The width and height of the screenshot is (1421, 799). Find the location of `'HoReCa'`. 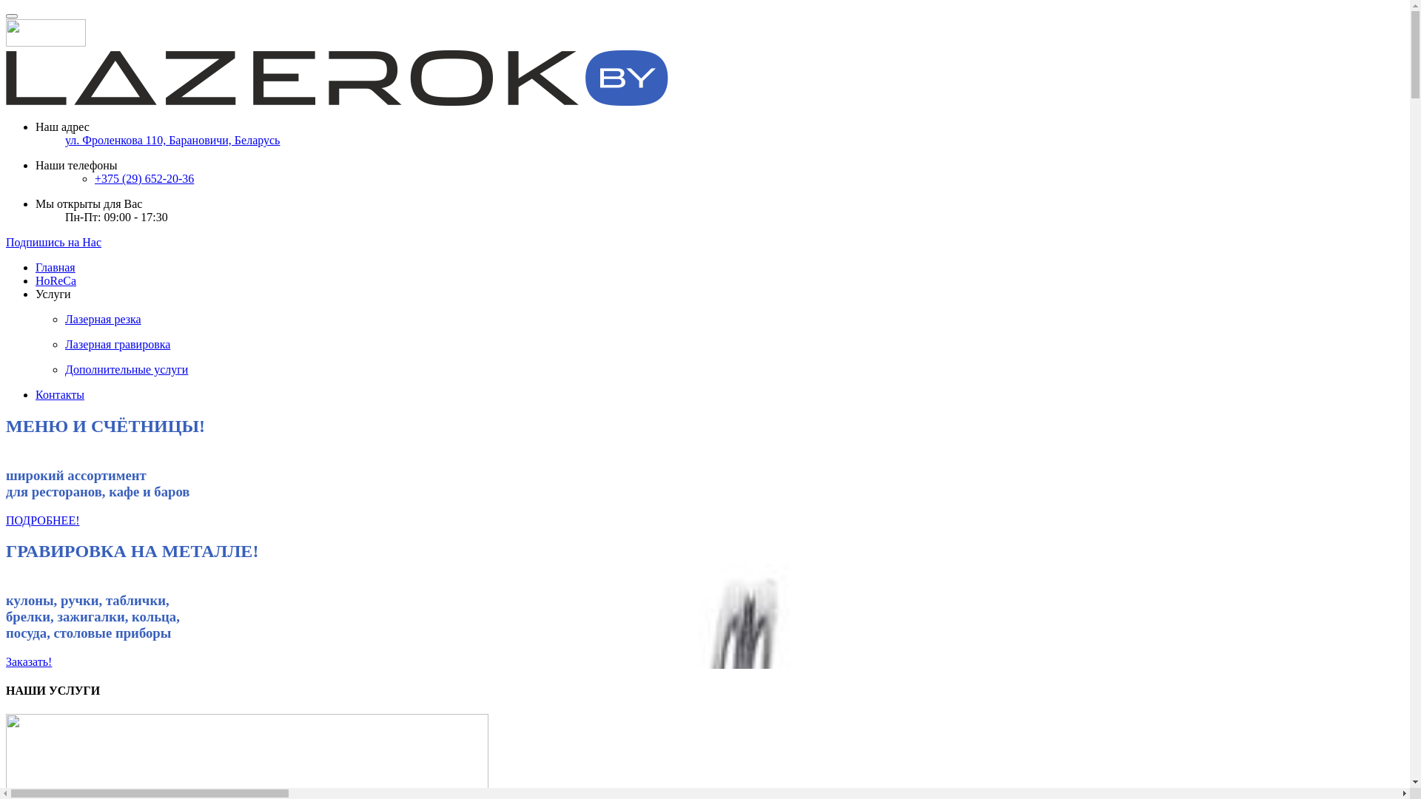

'HoReCa' is located at coordinates (56, 280).